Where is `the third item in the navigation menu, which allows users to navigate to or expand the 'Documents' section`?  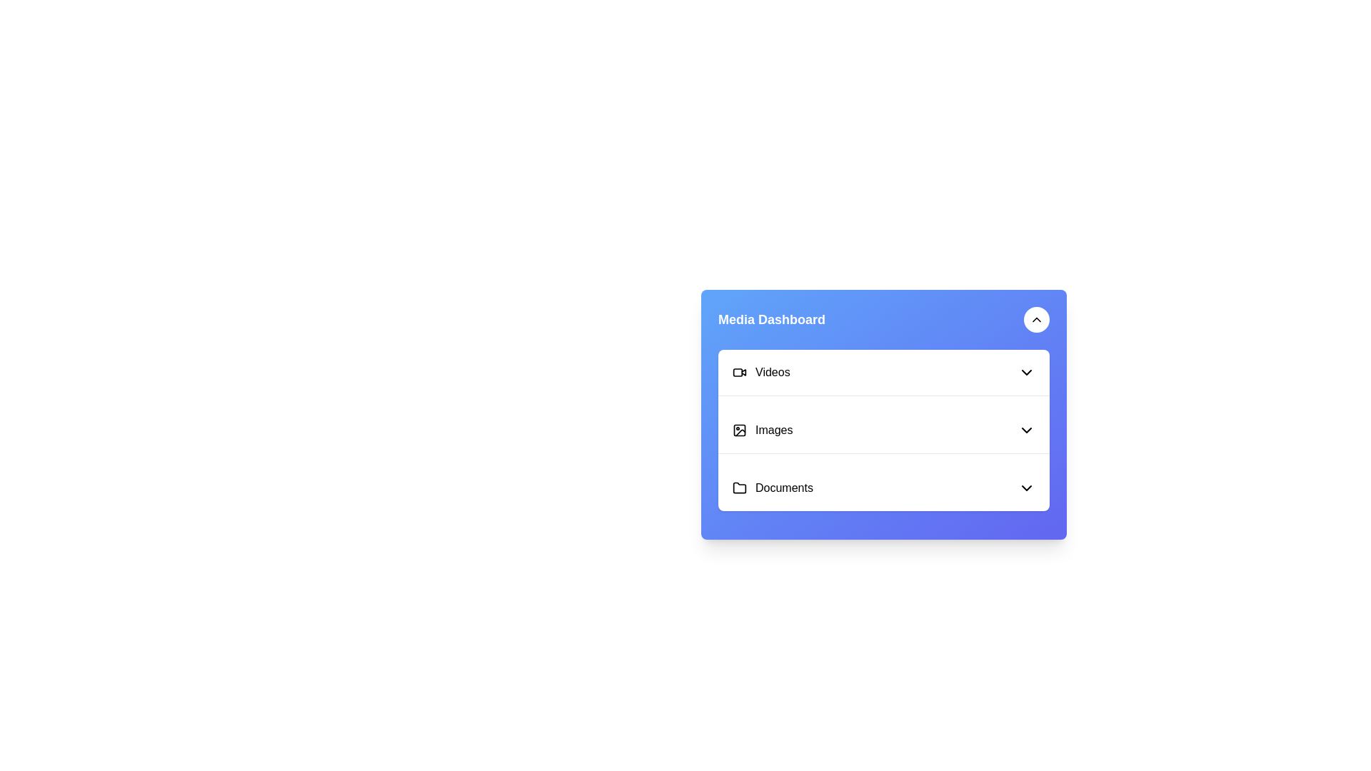 the third item in the navigation menu, which allows users to navigate to or expand the 'Documents' section is located at coordinates (883, 487).